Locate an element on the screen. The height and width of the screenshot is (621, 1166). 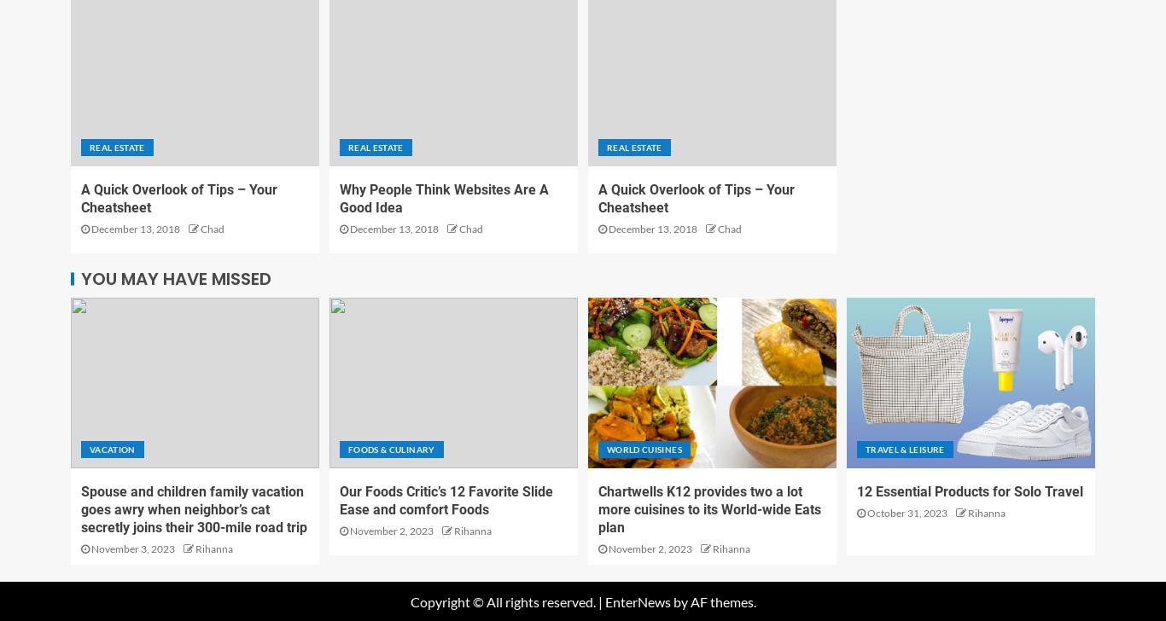
'Why People Think Websites Are A Good Idea' is located at coordinates (444, 197).